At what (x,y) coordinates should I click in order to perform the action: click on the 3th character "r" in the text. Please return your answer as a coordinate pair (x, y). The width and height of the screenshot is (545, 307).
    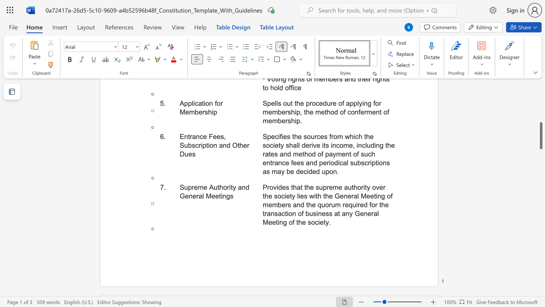
    Looking at the image, I should click on (197, 196).